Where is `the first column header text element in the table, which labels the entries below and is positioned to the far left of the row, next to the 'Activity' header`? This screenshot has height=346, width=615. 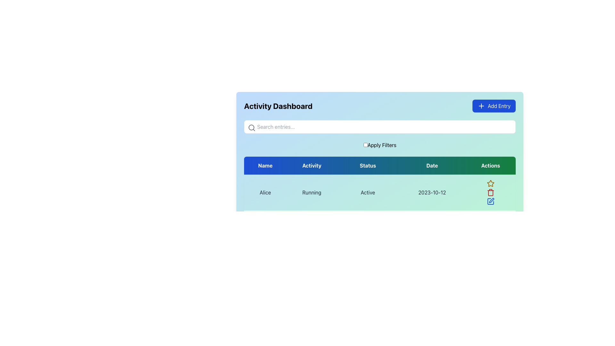
the first column header text element in the table, which labels the entries below and is positioned to the far left of the row, next to the 'Activity' header is located at coordinates (265, 165).